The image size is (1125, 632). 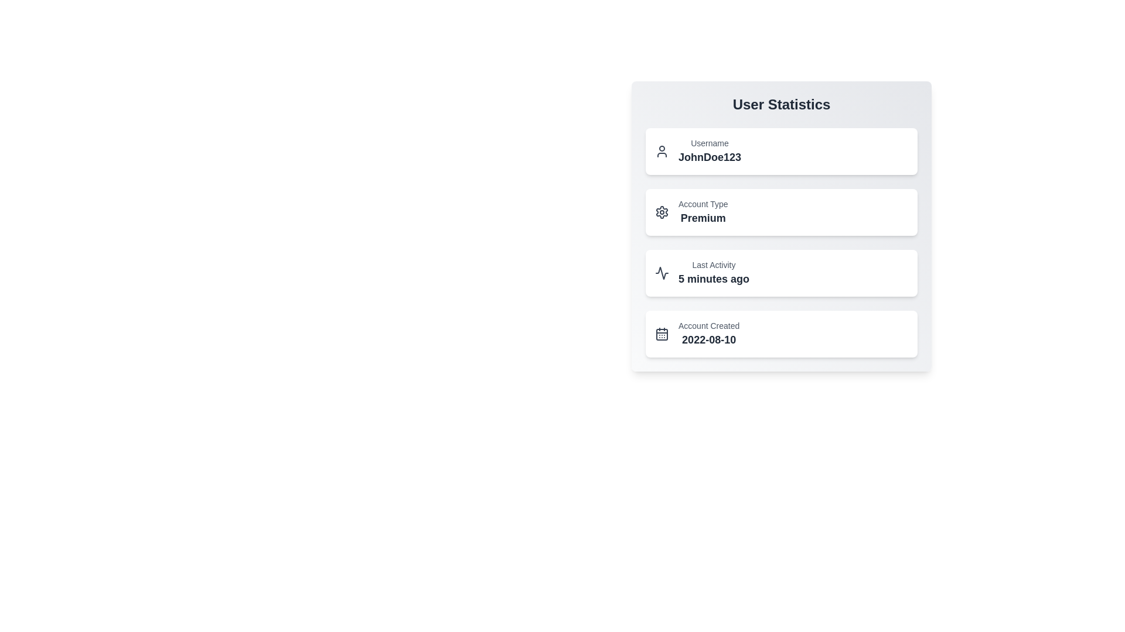 What do you see at coordinates (709, 143) in the screenshot?
I see `the label indicating the user's username, which is positioned above the text 'JohnDoe123' in the 'User Statistics' section` at bounding box center [709, 143].